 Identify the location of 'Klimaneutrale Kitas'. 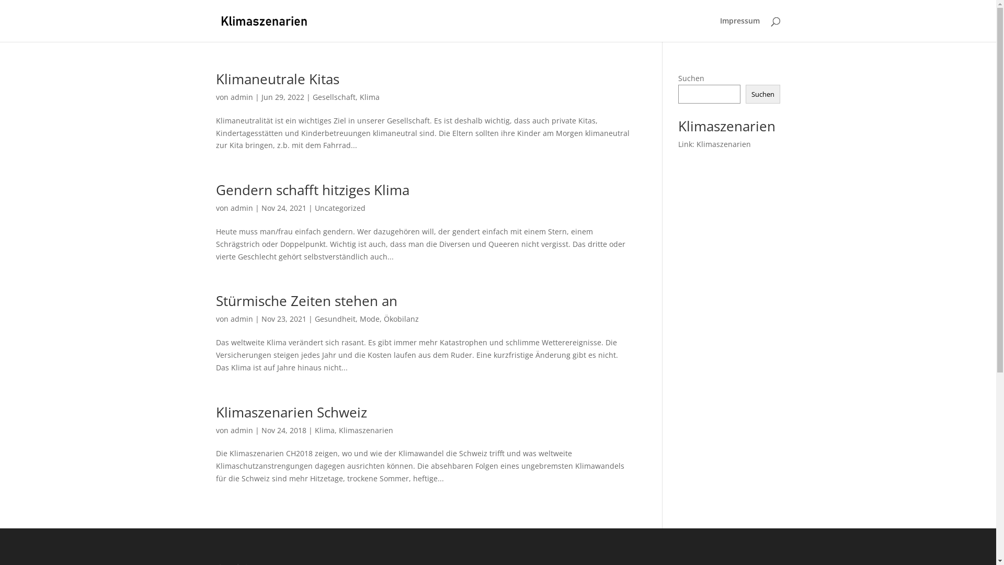
(277, 78).